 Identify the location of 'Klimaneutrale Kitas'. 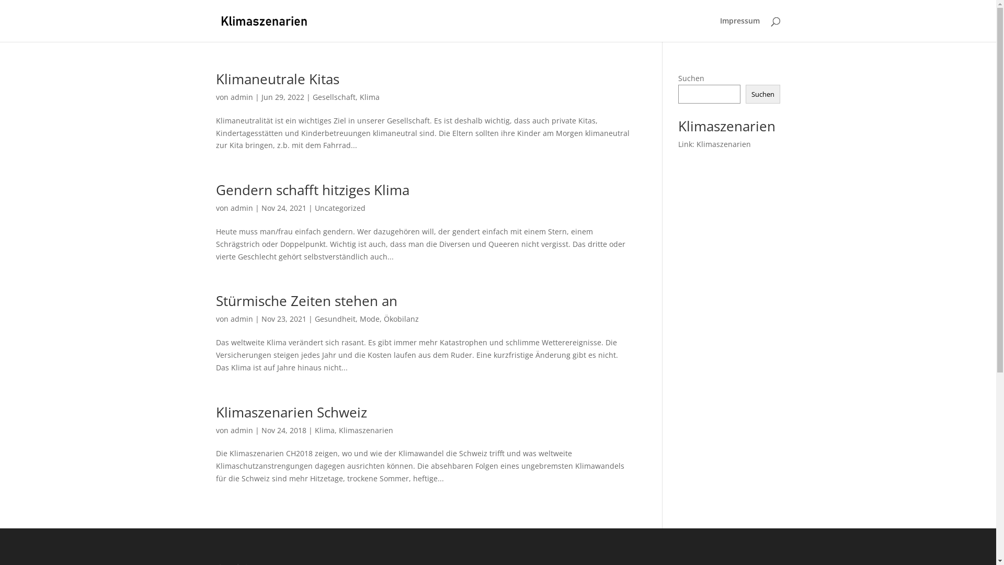
(277, 78).